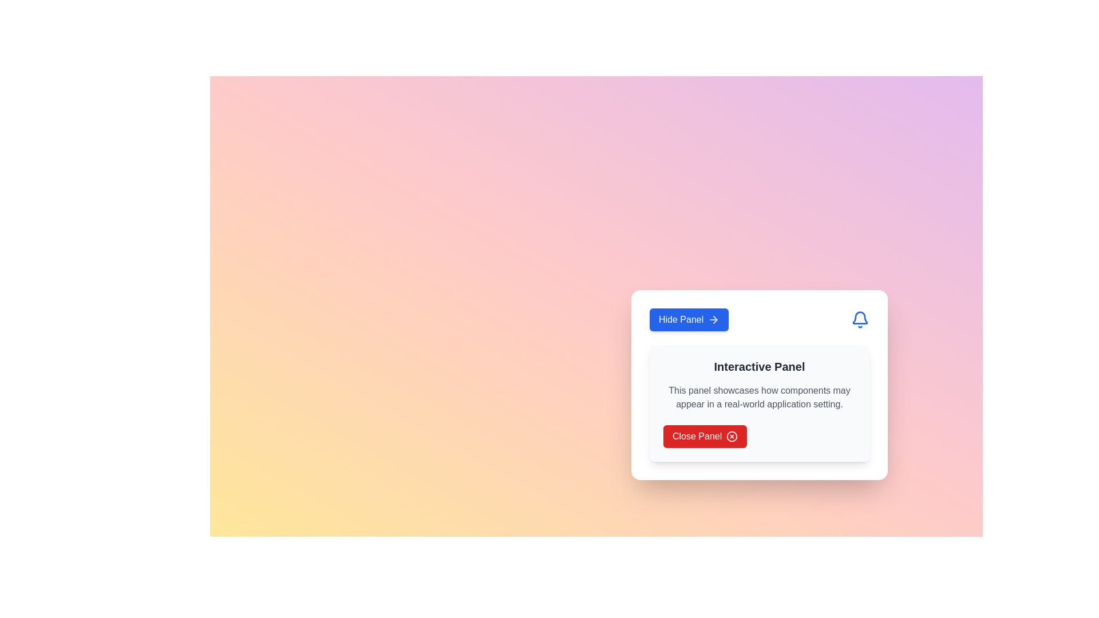  Describe the element at coordinates (860, 320) in the screenshot. I see `the bell icon located at the far right of the header section` at that location.